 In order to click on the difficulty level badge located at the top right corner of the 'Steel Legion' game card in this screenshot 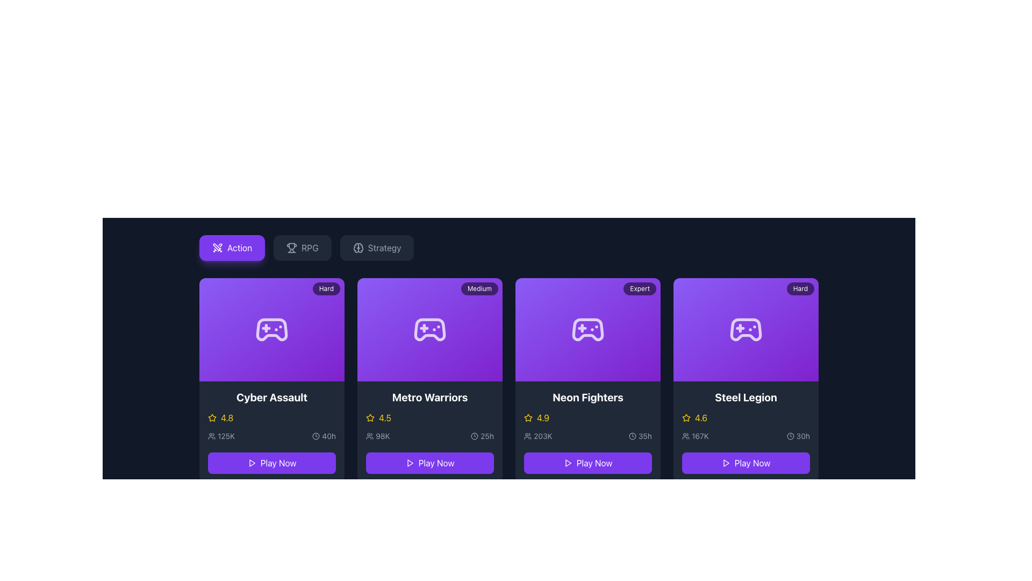, I will do `click(800, 288)`.